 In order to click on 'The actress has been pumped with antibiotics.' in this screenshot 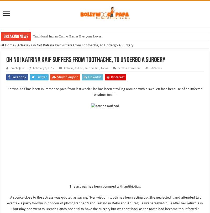, I will do `click(104, 186)`.